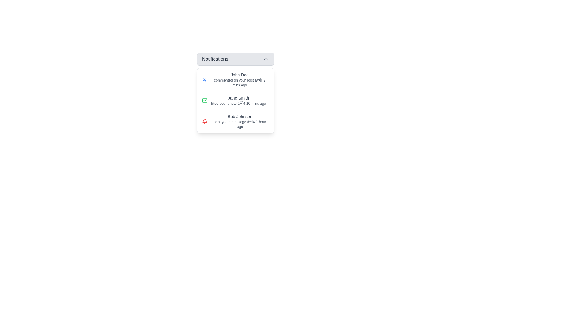 Image resolution: width=579 pixels, height=326 pixels. I want to click on the 'Notifications' label, which is styled in bold dark gray font and located in the upper section of the notification drop-down panel, so click(215, 59).